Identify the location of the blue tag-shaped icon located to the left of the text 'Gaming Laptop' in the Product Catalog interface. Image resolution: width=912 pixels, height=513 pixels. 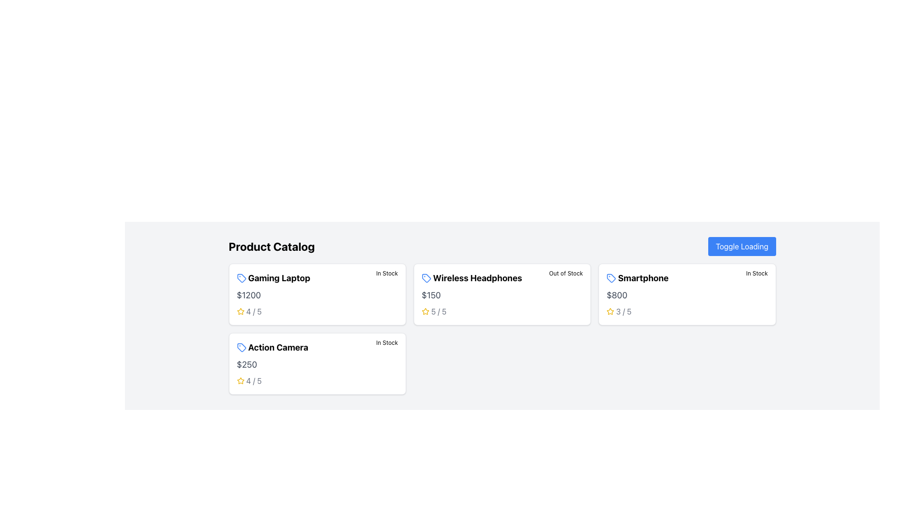
(241, 278).